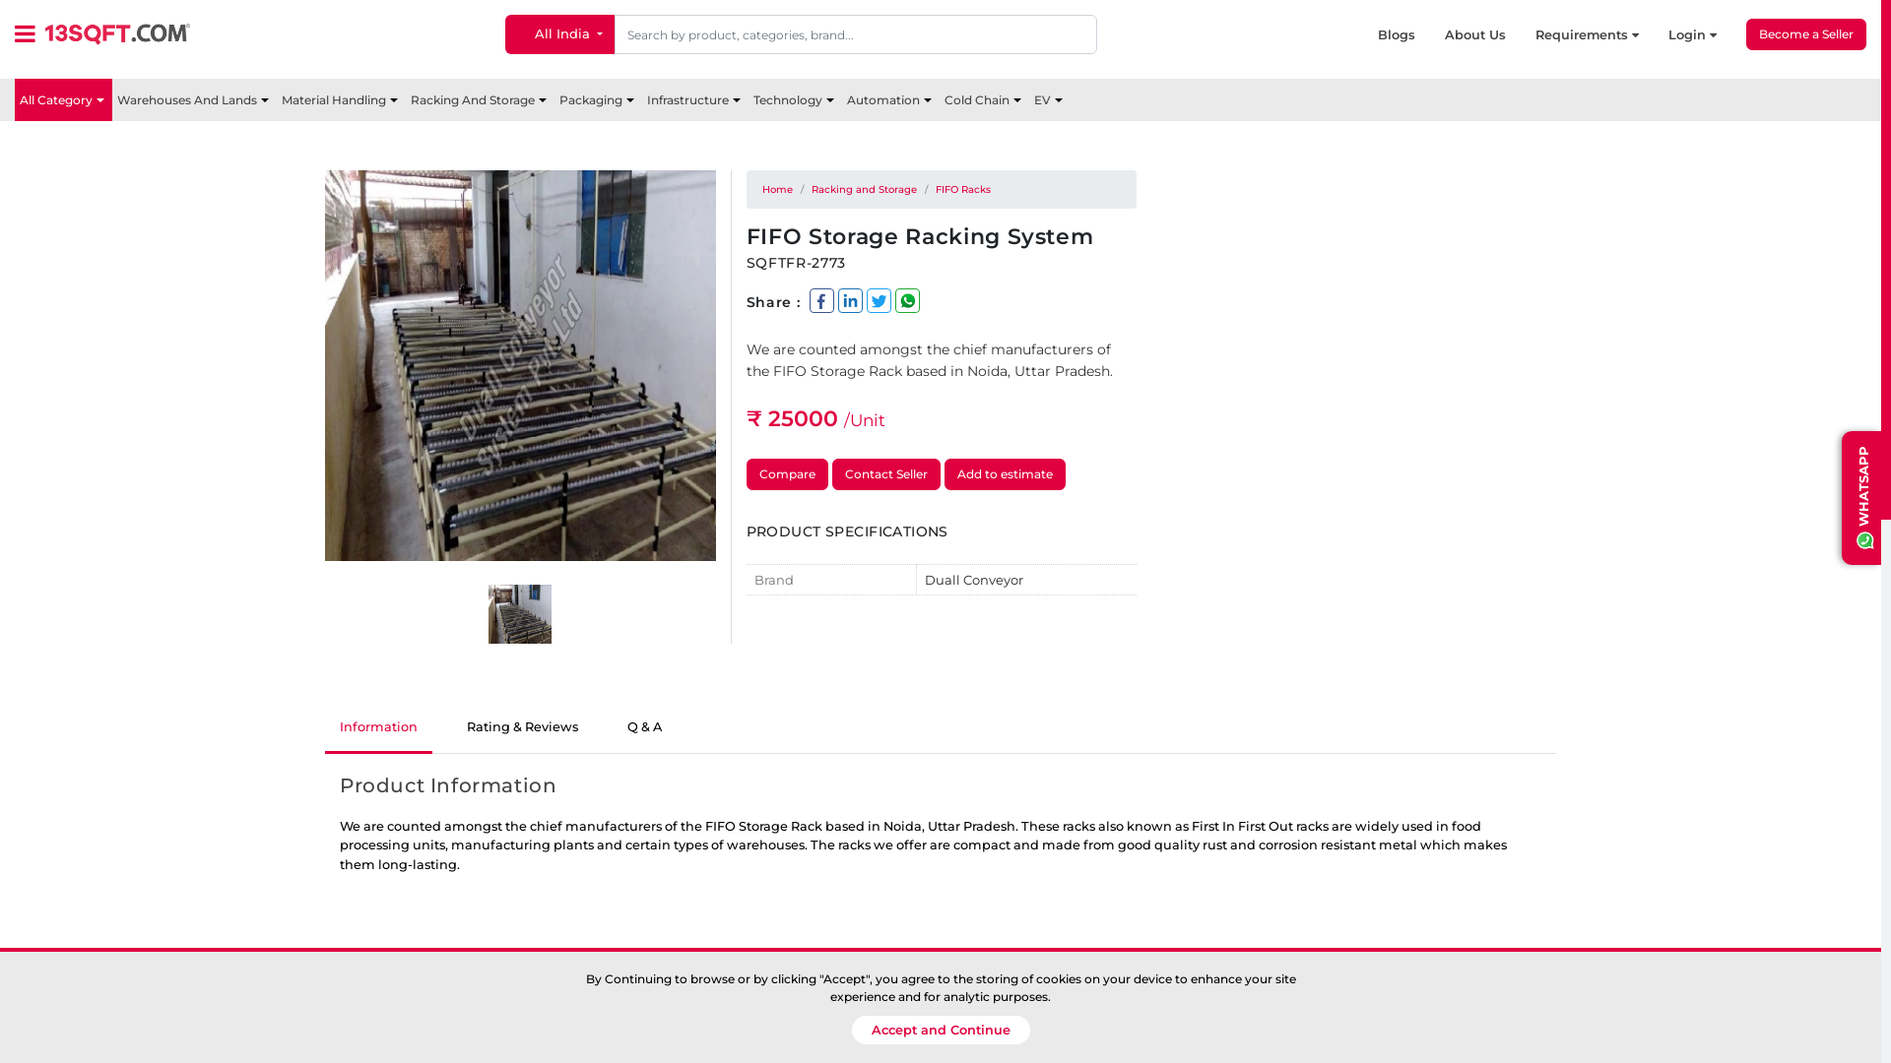 The width and height of the screenshot is (1891, 1063). Describe the element at coordinates (1489, 34) in the screenshot. I see `'About Us'` at that location.